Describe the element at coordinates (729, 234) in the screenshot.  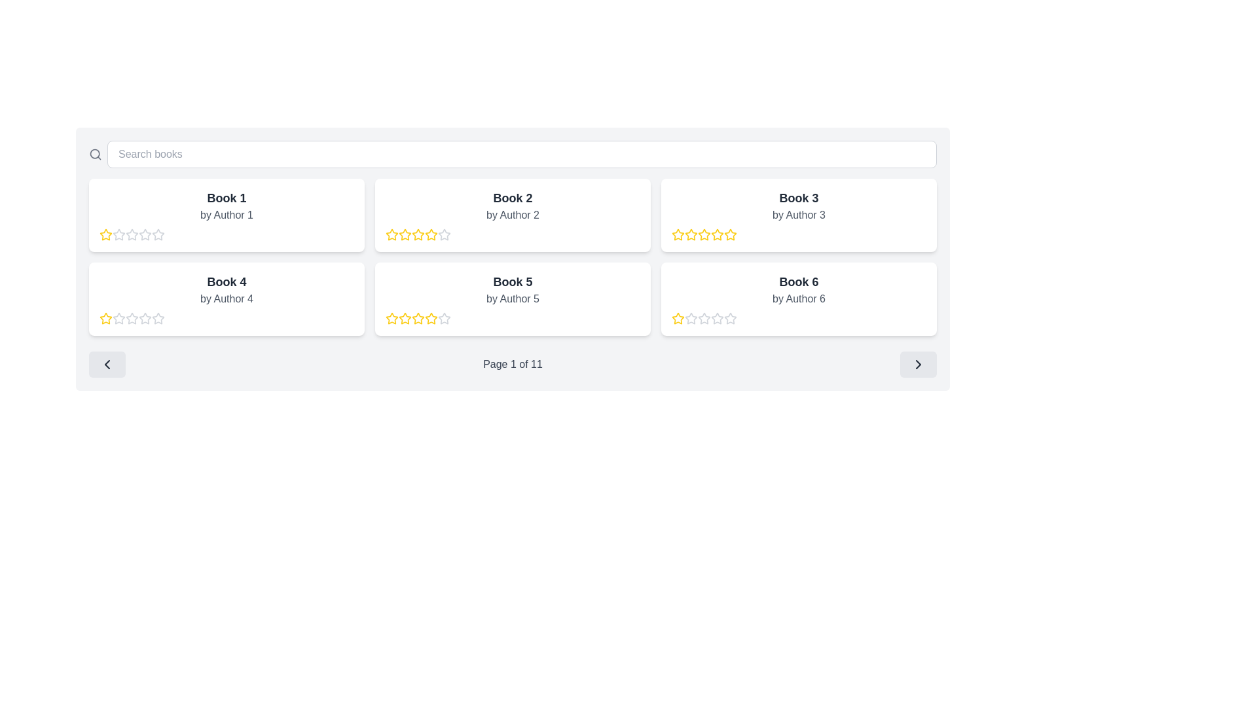
I see `the third yellow star icon in the five-star rating system for 'Book 3 by Author 3' to rate it` at that location.